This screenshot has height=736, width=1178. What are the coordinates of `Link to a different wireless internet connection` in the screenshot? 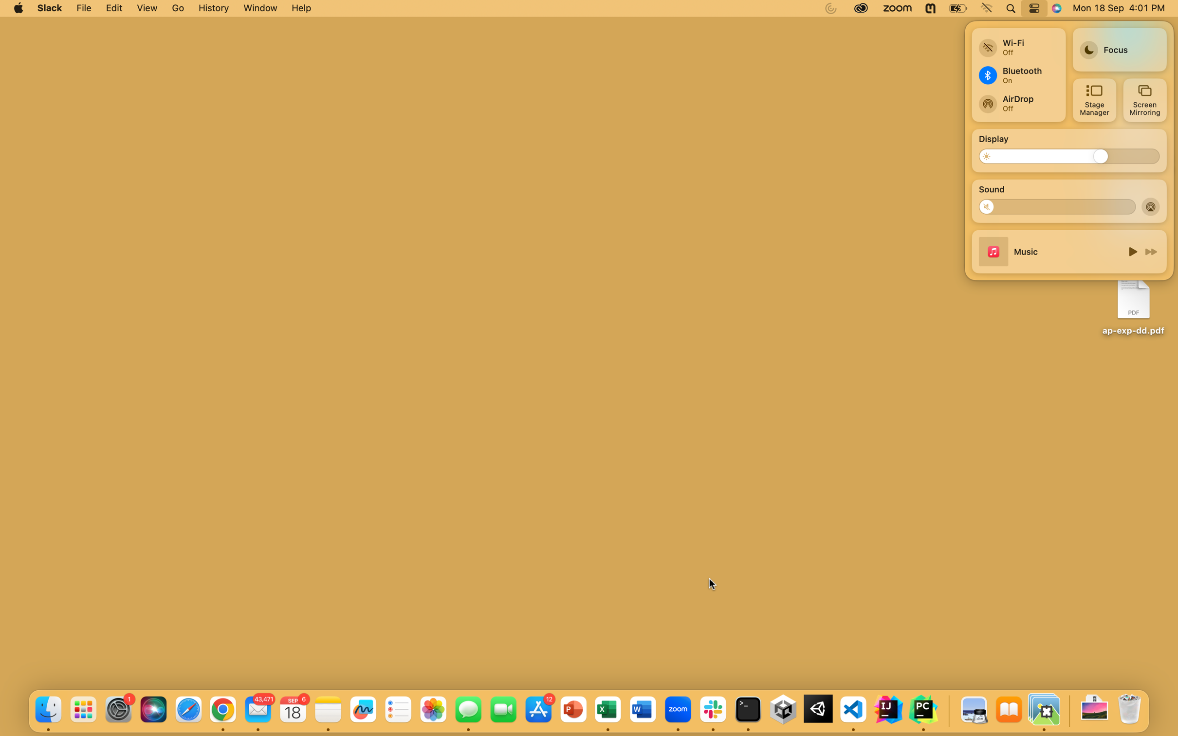 It's located at (1017, 43).